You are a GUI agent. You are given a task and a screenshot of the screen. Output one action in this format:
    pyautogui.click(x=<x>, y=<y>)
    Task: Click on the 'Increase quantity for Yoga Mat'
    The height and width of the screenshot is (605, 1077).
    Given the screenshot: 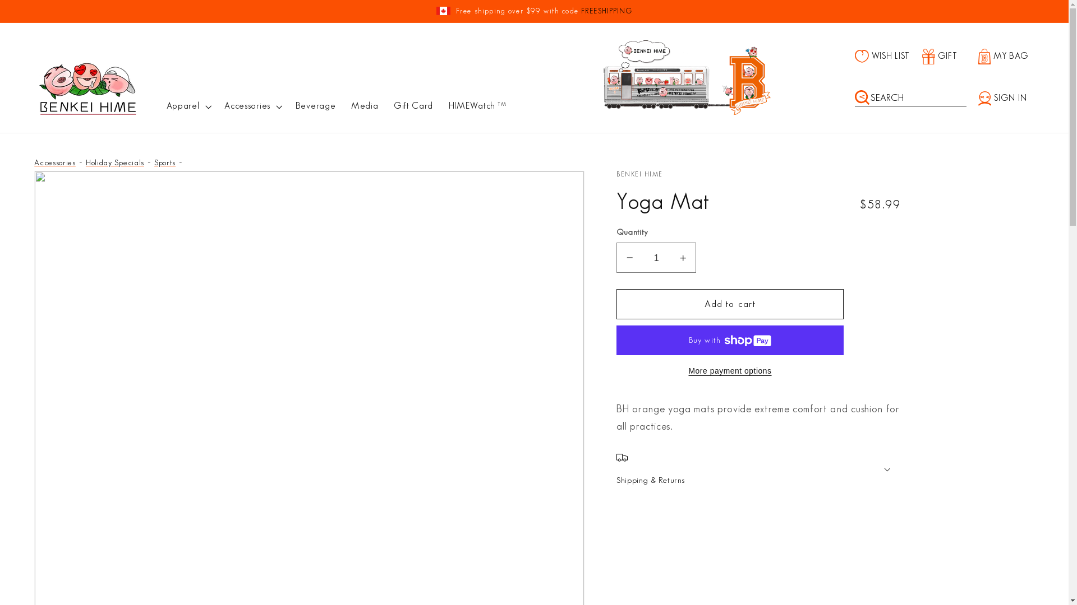 What is the action you would take?
    pyautogui.click(x=682, y=257)
    